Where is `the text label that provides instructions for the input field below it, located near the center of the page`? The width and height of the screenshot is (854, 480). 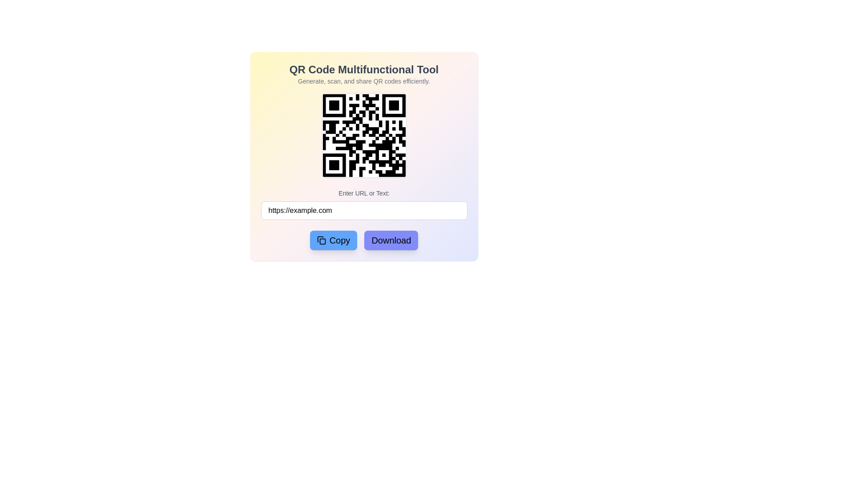
the text label that provides instructions for the input field below it, located near the center of the page is located at coordinates (364, 193).